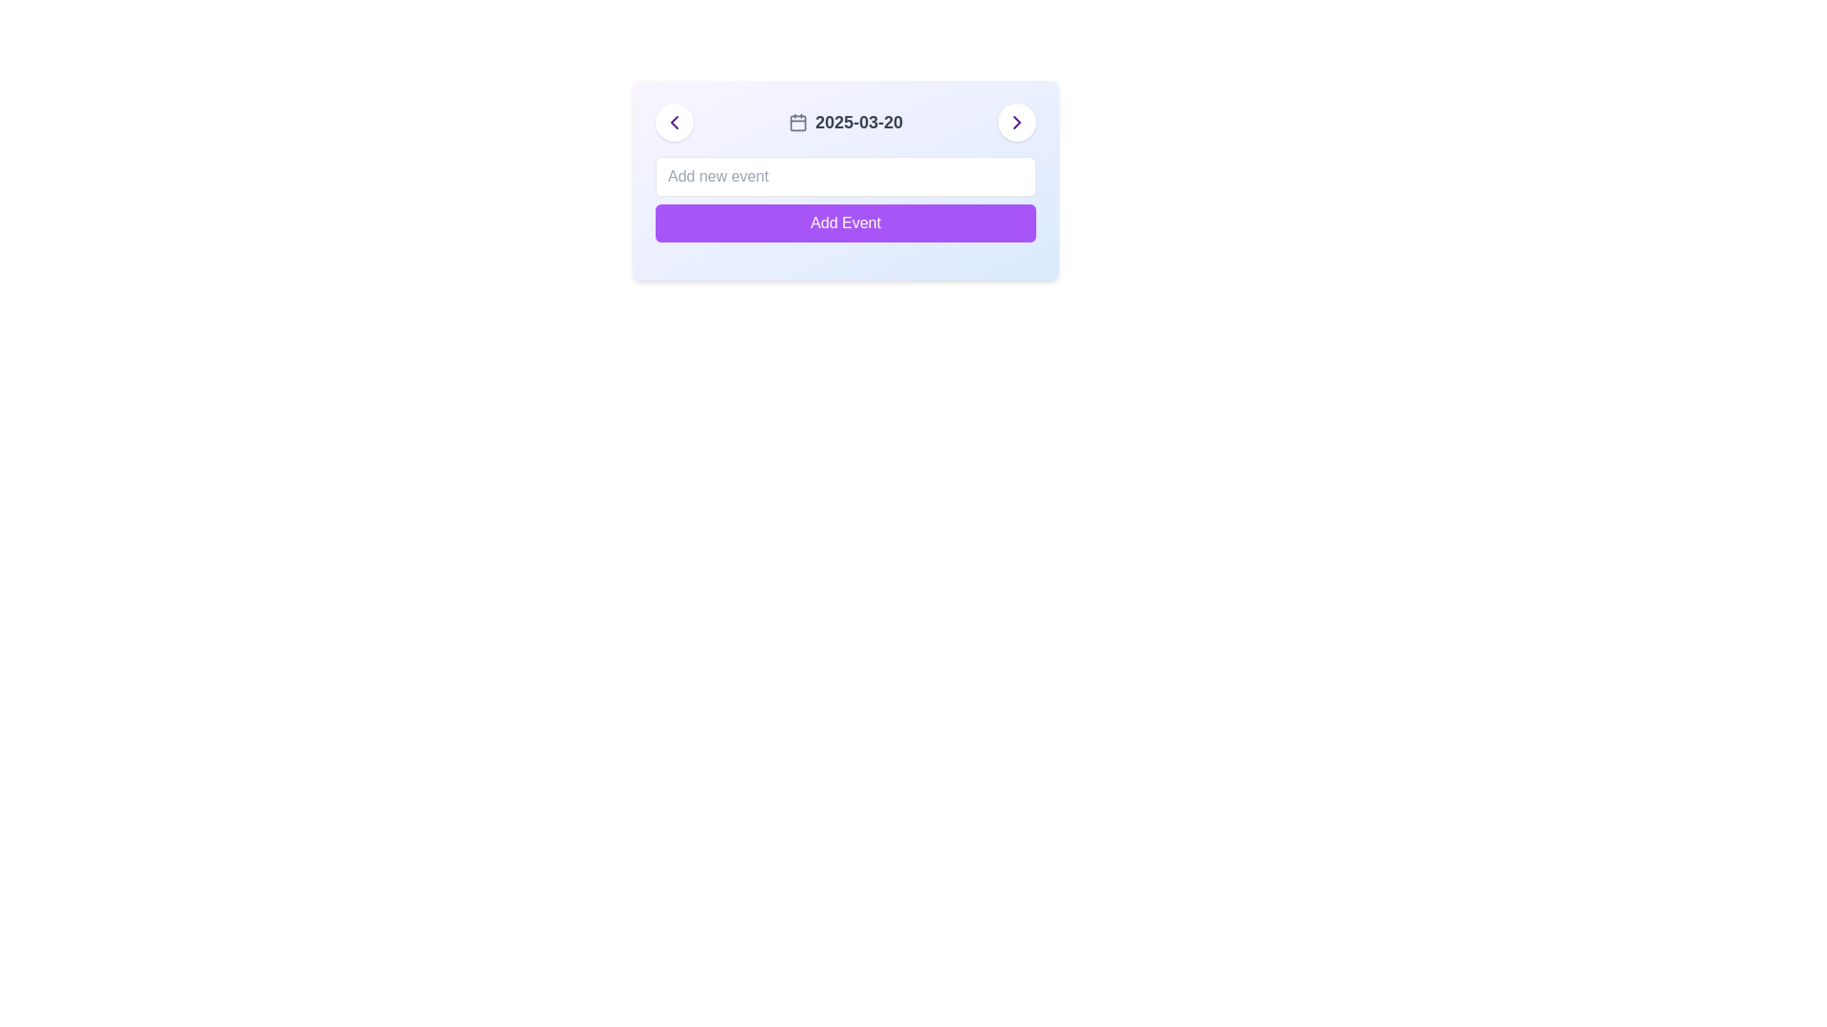  Describe the element at coordinates (844, 223) in the screenshot. I see `the 'Confirm' button located at the bottom of the event creation section` at that location.